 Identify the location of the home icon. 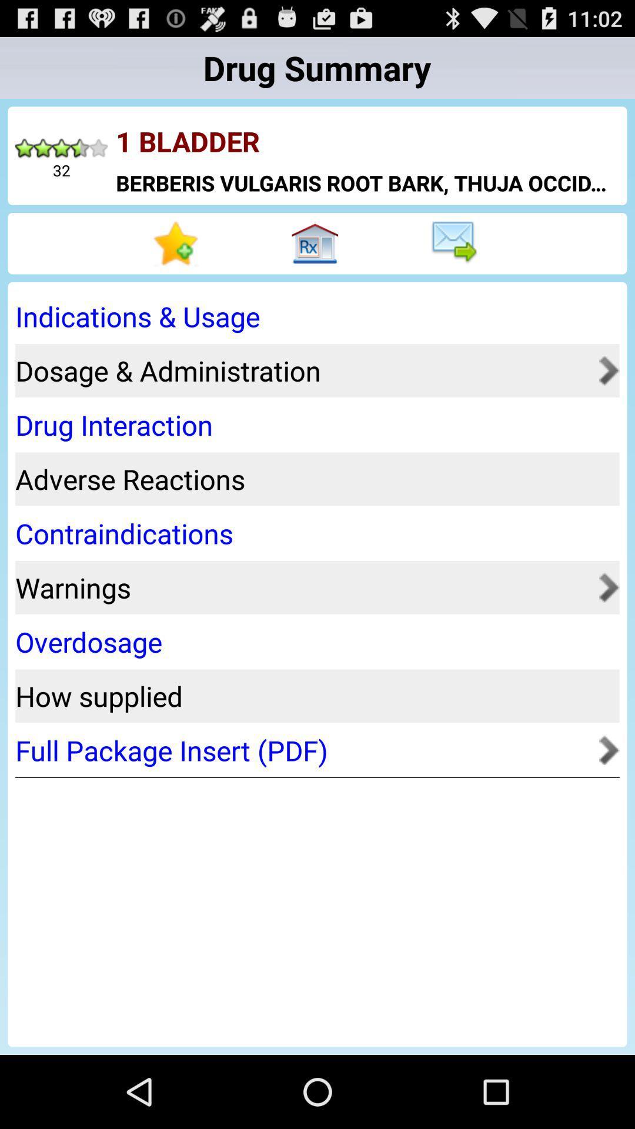
(317, 260).